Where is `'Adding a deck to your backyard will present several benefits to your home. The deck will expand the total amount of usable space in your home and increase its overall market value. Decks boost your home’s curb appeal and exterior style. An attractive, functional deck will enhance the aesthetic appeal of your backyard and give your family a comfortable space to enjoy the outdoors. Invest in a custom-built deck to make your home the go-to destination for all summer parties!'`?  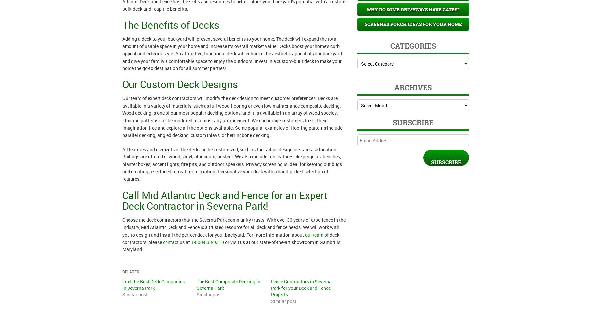
'Adding a deck to your backyard will present several benefits to your home. The deck will expand the total amount of usable space in your home and increase its overall market value. Decks boost your home’s curb appeal and exterior style. An attractive, functional deck will enhance the aesthetic appeal of your backyard and give your family a comfortable space to enjoy the outdoors. Invest in a custom-built deck to make your home the go-to destination for all summer parties!' is located at coordinates (232, 53).